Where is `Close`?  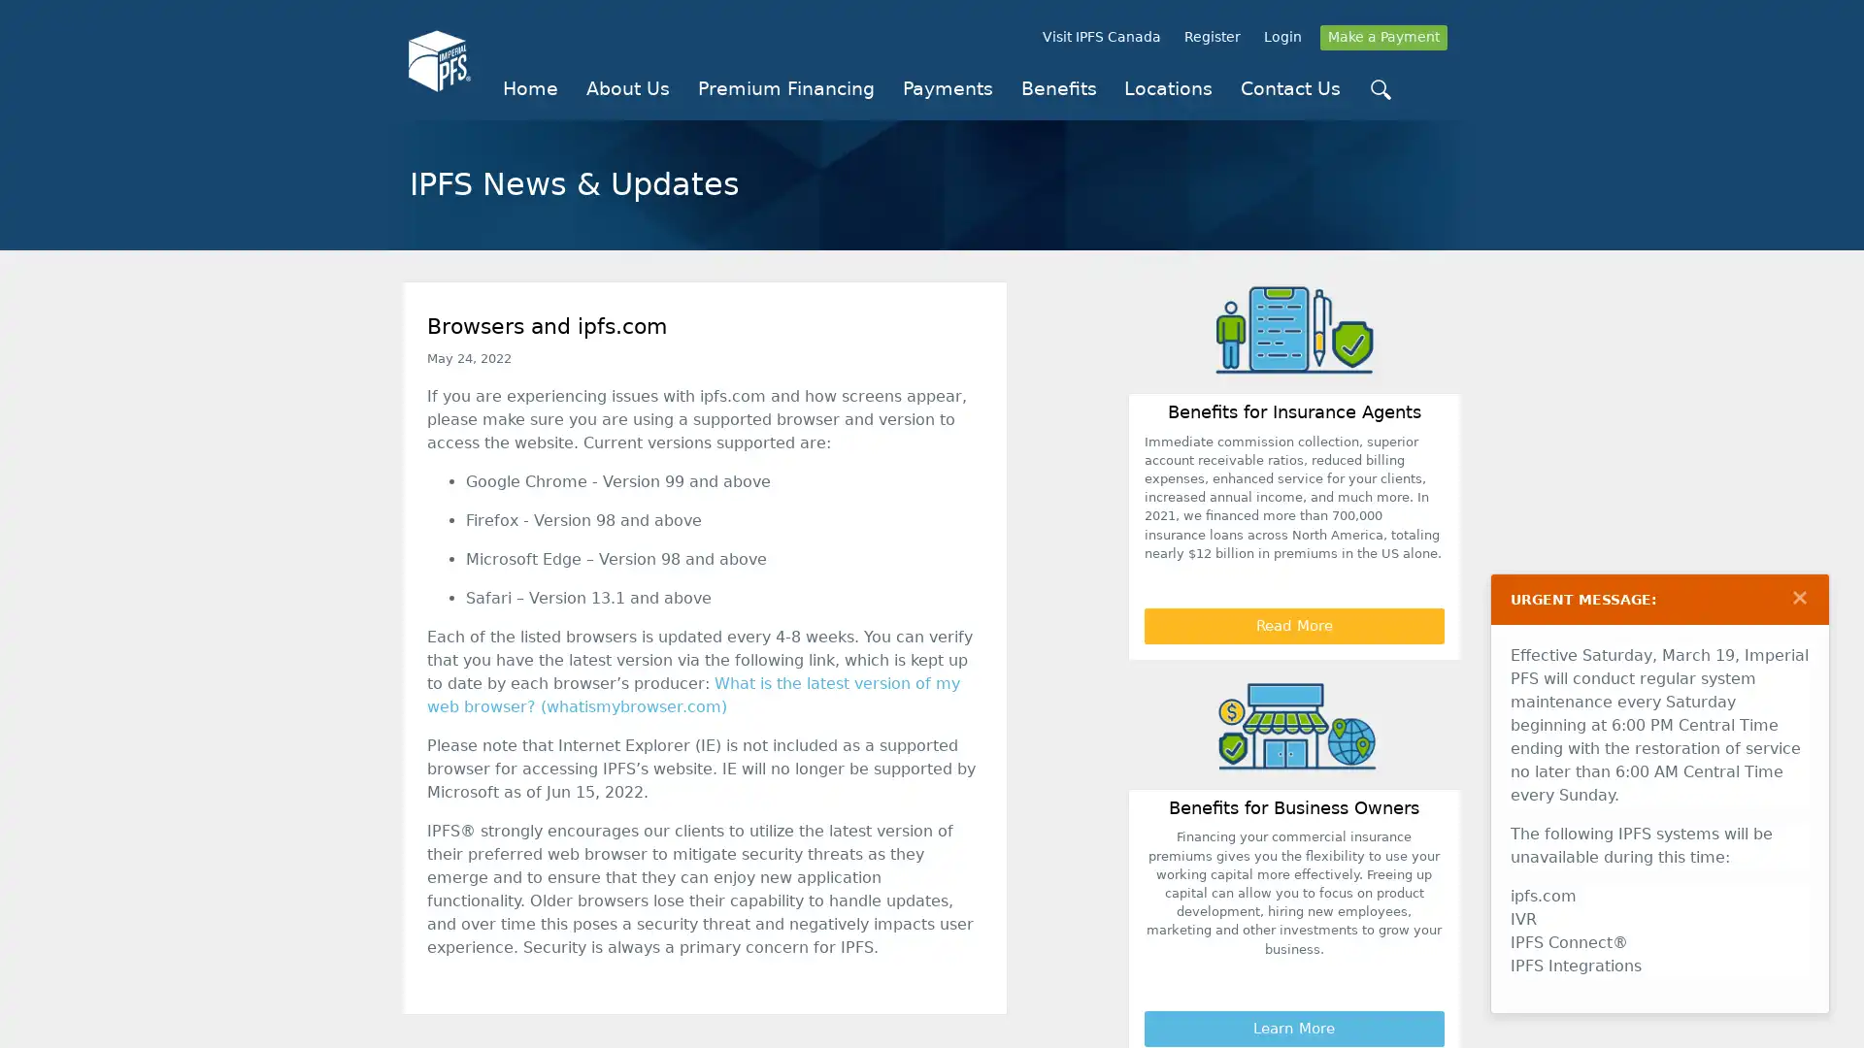
Close is located at coordinates (1798, 597).